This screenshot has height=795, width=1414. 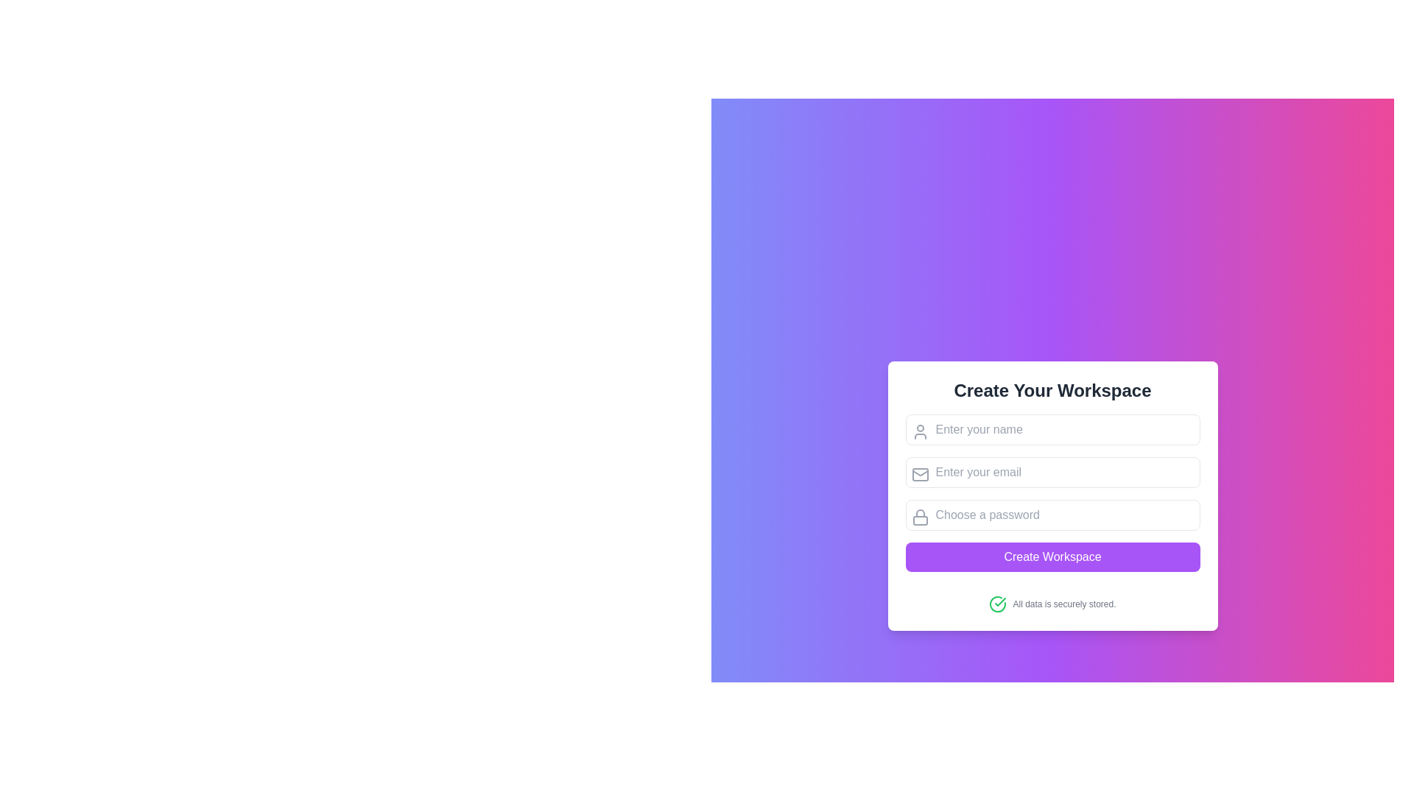 I want to click on the confirmation icon located to the left of the text 'All data is securely stored.' below the 'Create Workspace' button, so click(x=998, y=604).